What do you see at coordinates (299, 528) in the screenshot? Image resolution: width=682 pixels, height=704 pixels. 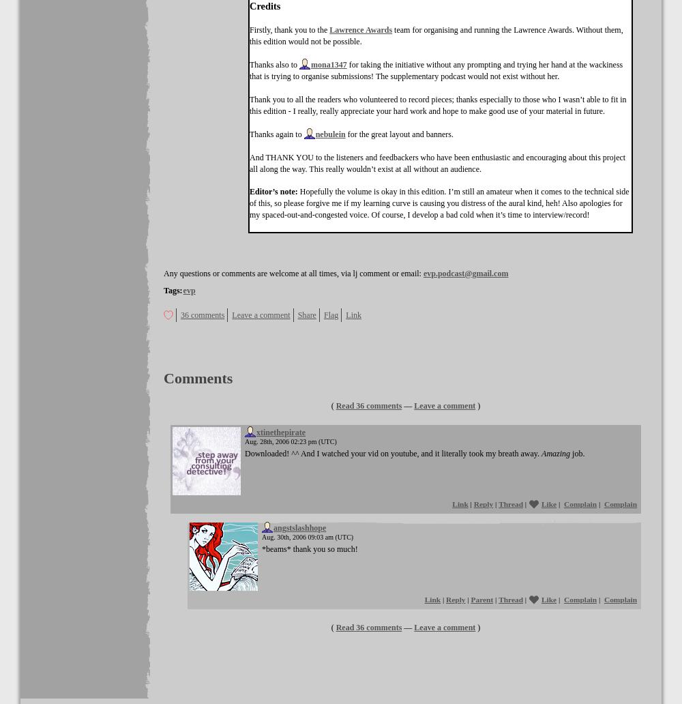 I see `'angstslashhope'` at bounding box center [299, 528].